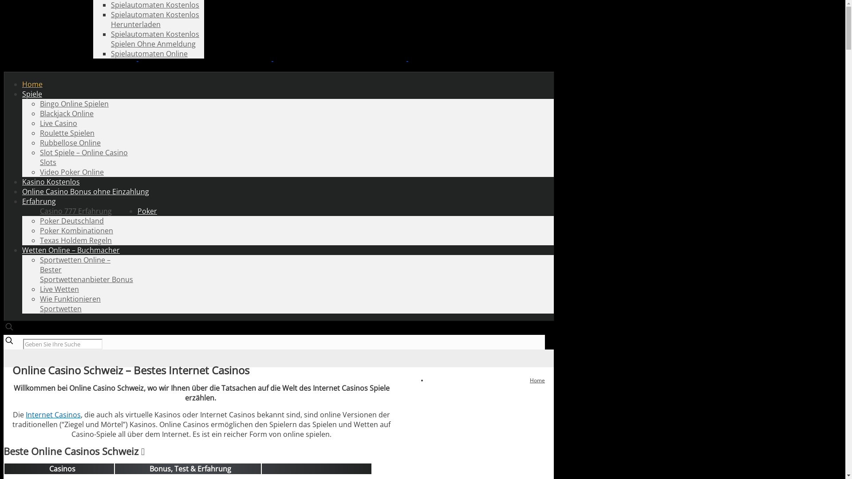 The height and width of the screenshot is (479, 852). Describe the element at coordinates (149, 53) in the screenshot. I see `'Spielautomaten Online'` at that location.